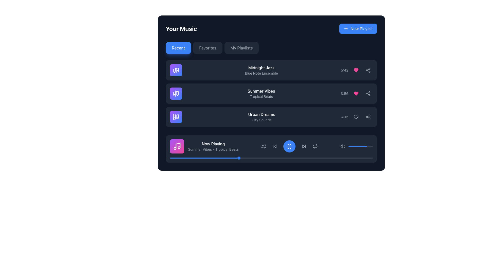 The image size is (487, 274). What do you see at coordinates (356, 158) in the screenshot?
I see `progress` at bounding box center [356, 158].